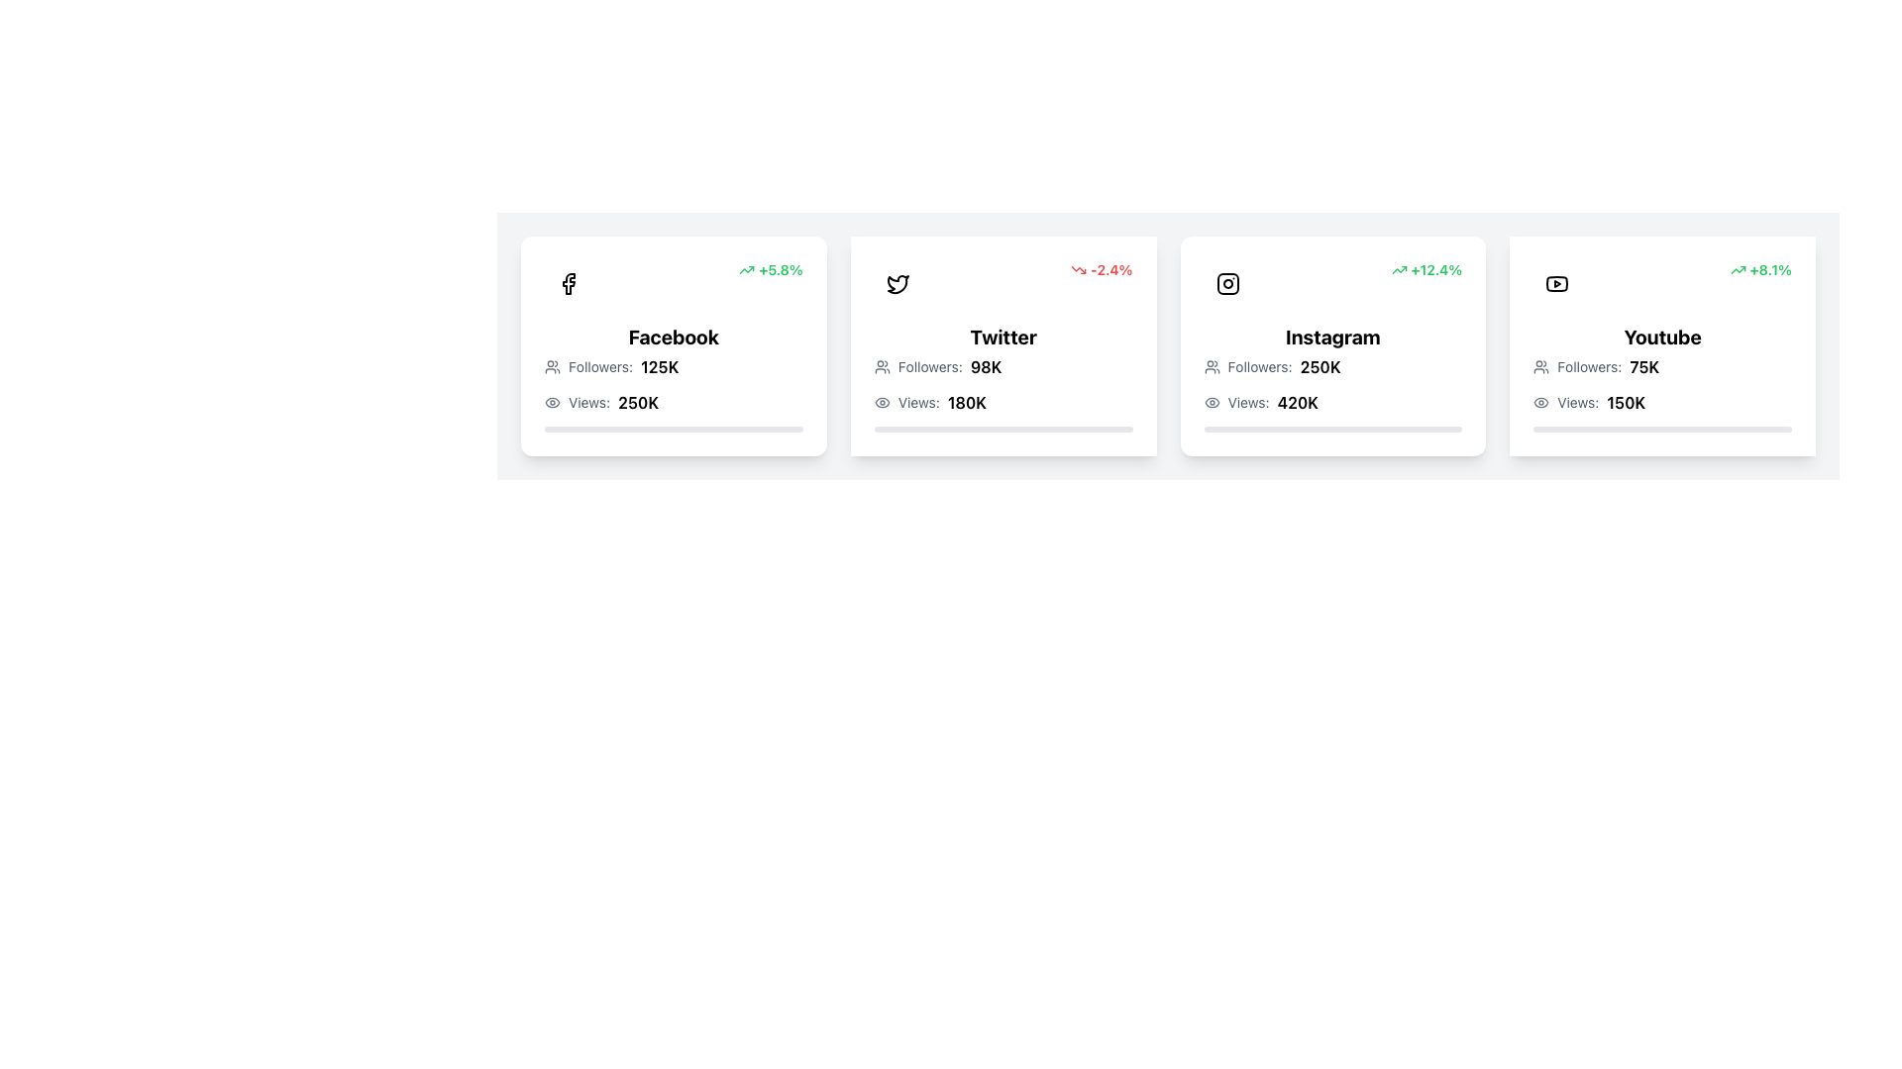 This screenshot has height=1069, width=1902. What do you see at coordinates (568, 283) in the screenshot?
I see `the Facebook brand icon located at the top-left corner of the first card representing Facebook statistics, positioned above the label 'Facebook'` at bounding box center [568, 283].